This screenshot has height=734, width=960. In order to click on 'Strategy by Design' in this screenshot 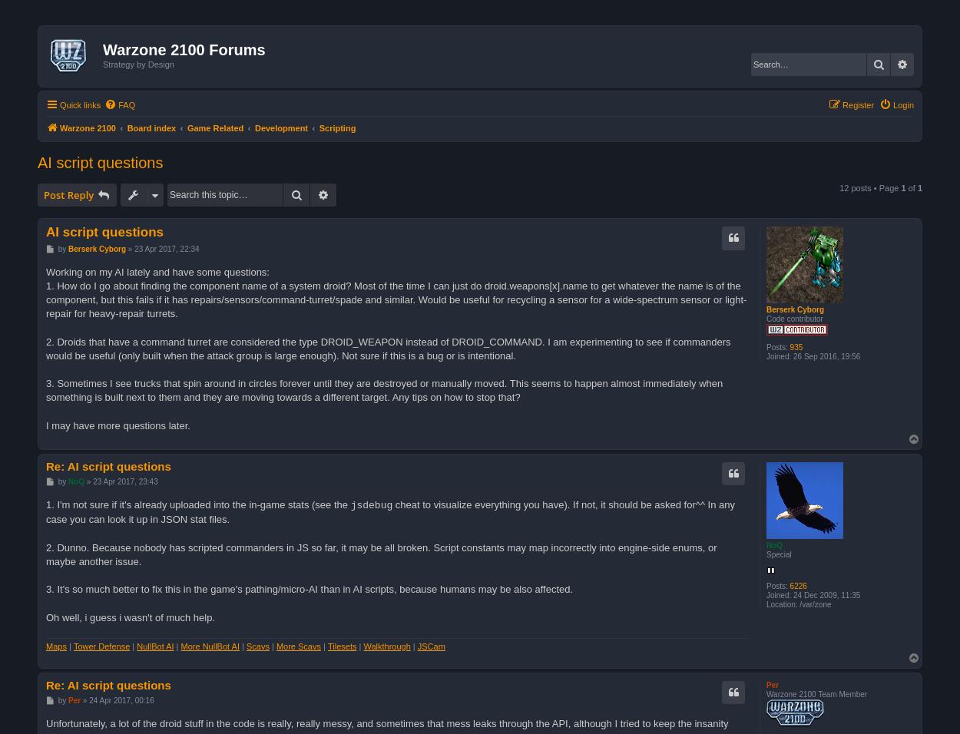, I will do `click(138, 64)`.